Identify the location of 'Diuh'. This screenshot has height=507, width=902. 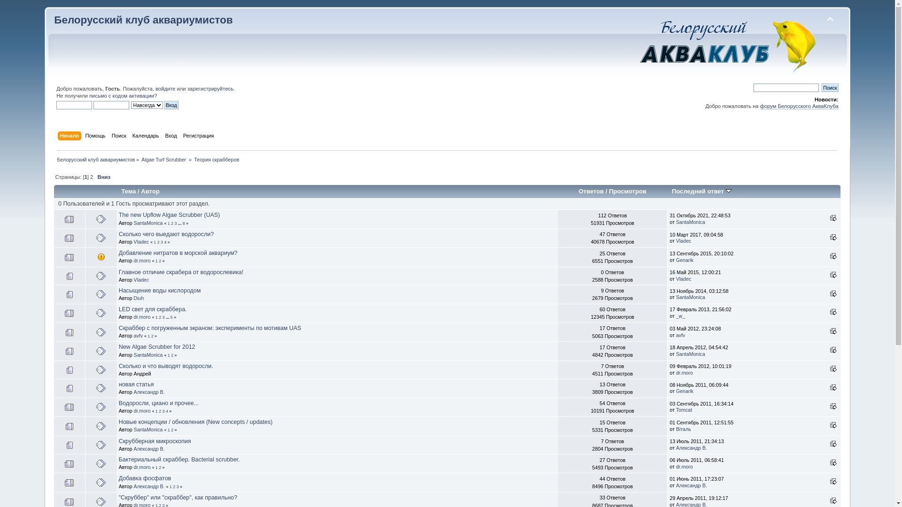
(133, 298).